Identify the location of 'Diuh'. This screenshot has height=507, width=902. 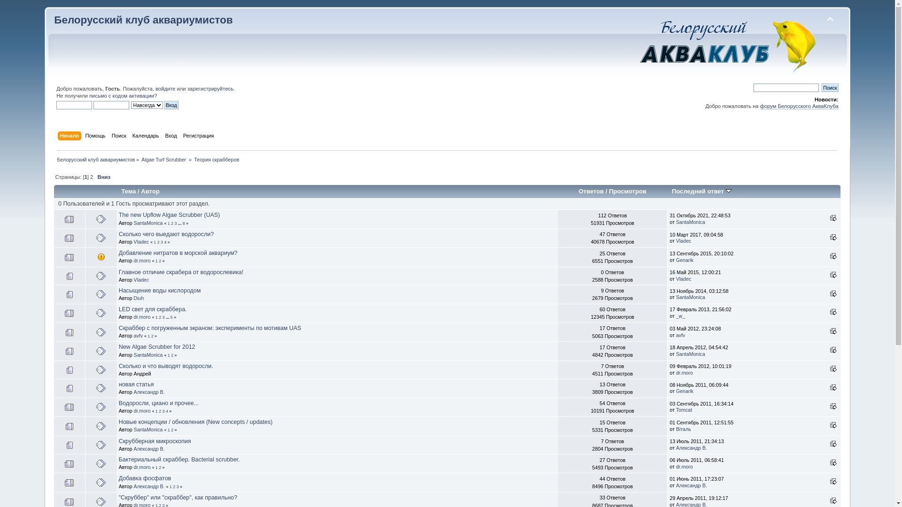
(133, 298).